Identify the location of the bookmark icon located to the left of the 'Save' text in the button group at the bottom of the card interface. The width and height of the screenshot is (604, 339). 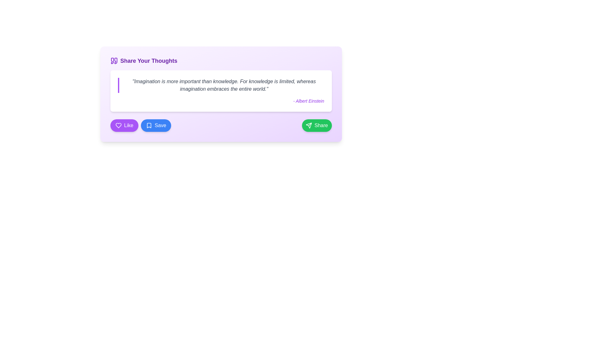
(148, 126).